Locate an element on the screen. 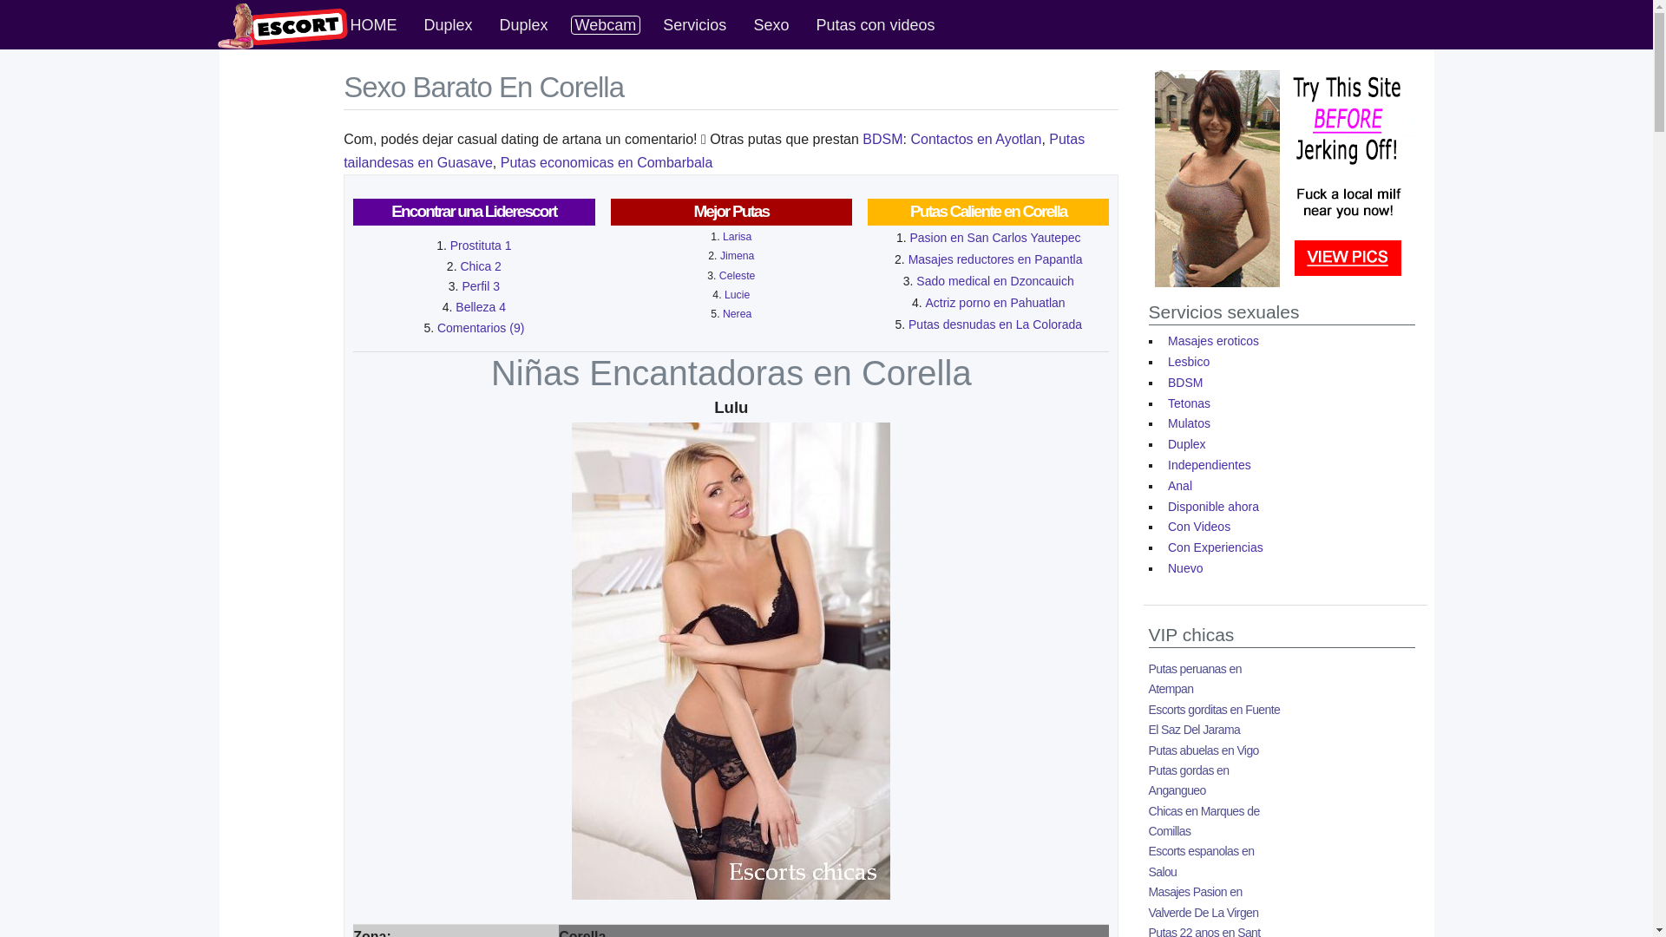  'Putas abuelas en Vigo' is located at coordinates (1203, 749).